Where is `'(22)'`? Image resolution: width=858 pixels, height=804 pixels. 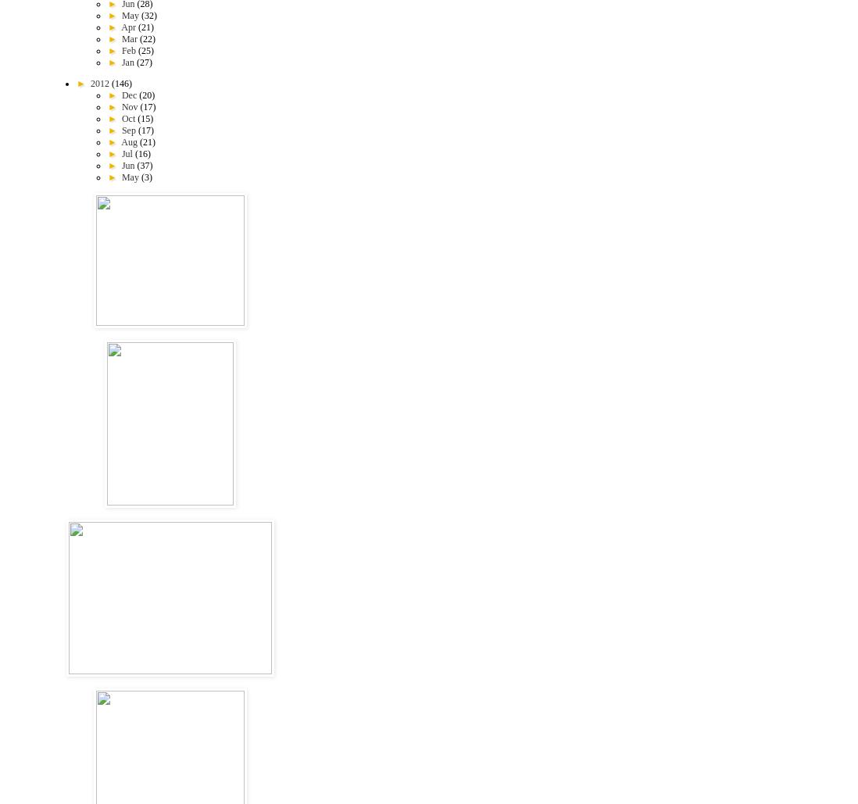
'(22)' is located at coordinates (138, 39).